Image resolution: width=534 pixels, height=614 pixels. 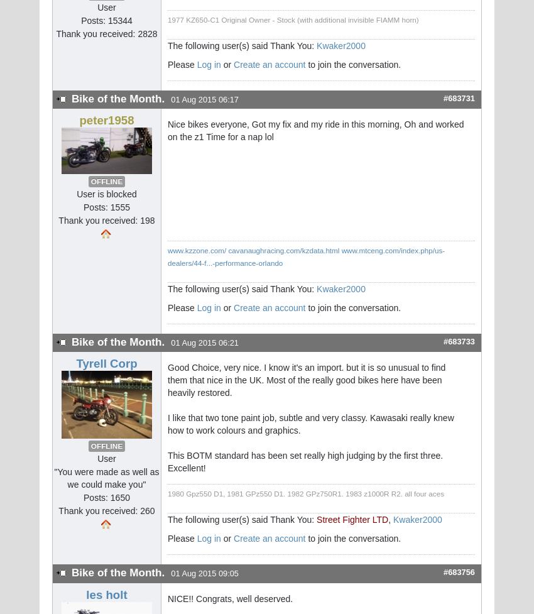 What do you see at coordinates (390, 519) in the screenshot?
I see `','` at bounding box center [390, 519].